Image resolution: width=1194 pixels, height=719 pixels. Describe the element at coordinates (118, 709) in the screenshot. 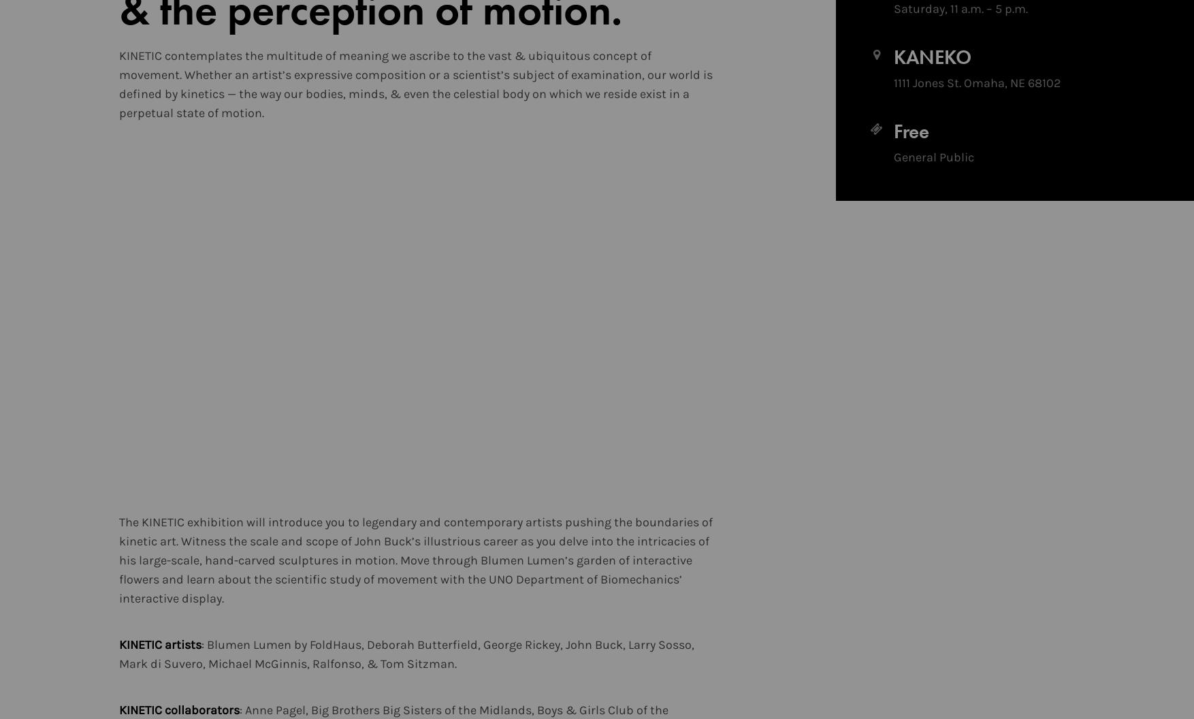

I see `'KINETIC collaborators'` at that location.